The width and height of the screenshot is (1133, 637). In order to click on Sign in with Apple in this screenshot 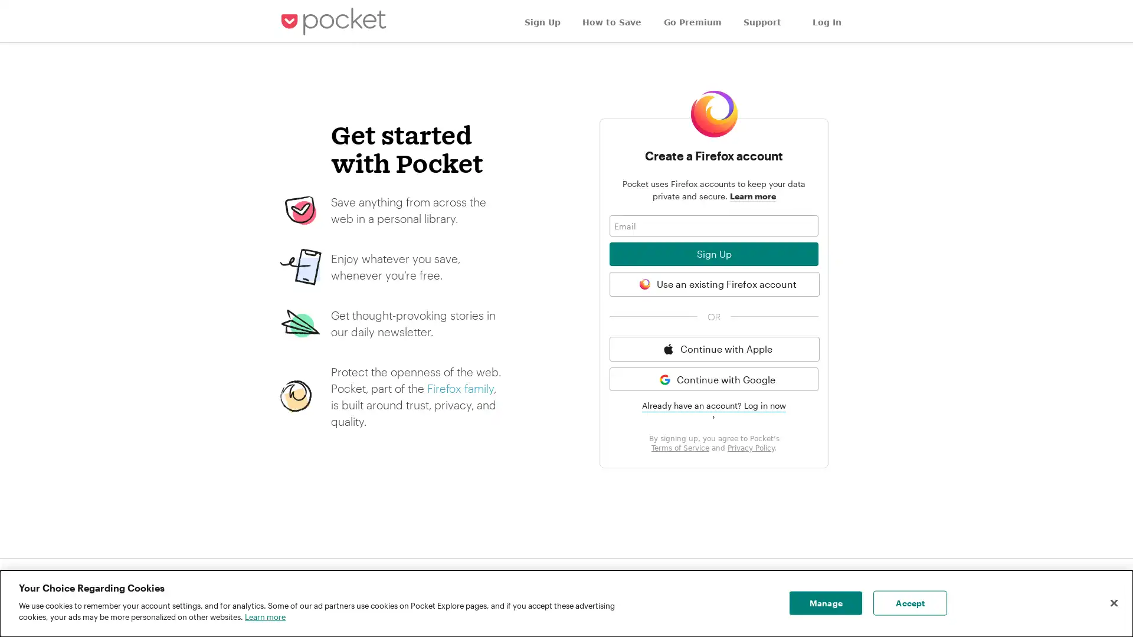, I will do `click(713, 348)`.